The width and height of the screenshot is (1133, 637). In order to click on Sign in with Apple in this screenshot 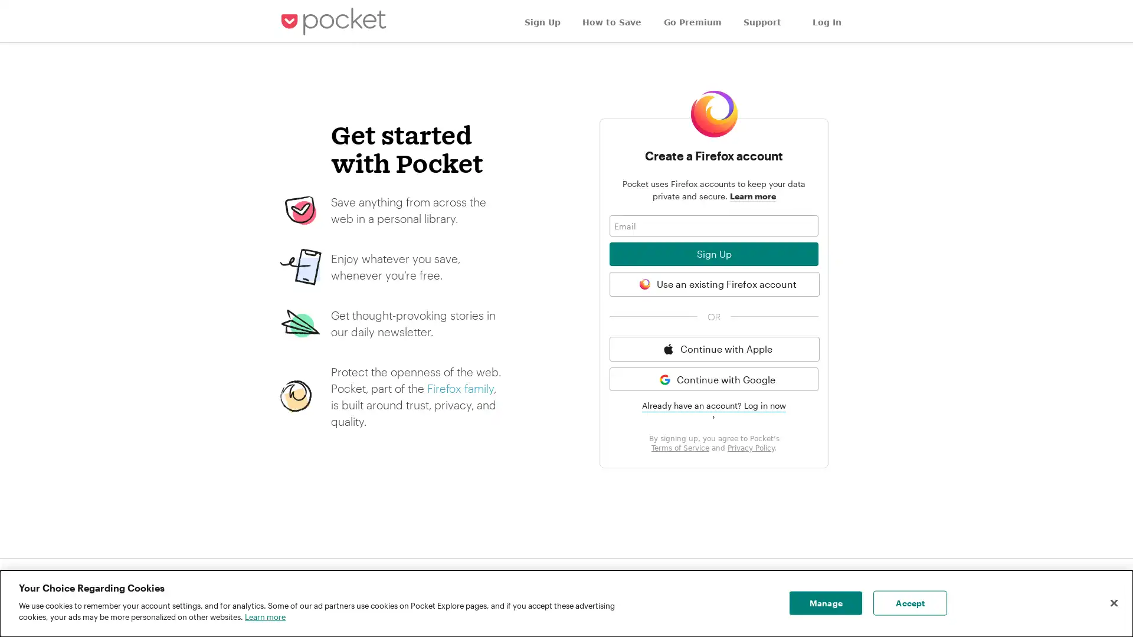, I will do `click(713, 348)`.